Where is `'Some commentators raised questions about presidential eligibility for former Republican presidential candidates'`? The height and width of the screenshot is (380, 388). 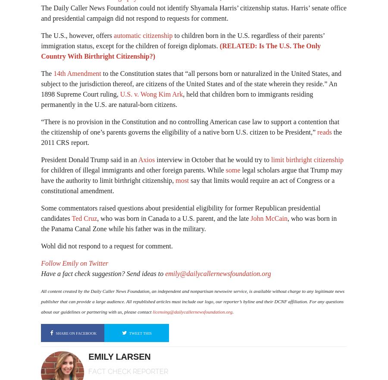
'Some commentators raised questions about presidential eligibility for former Republican presidential candidates' is located at coordinates (181, 213).